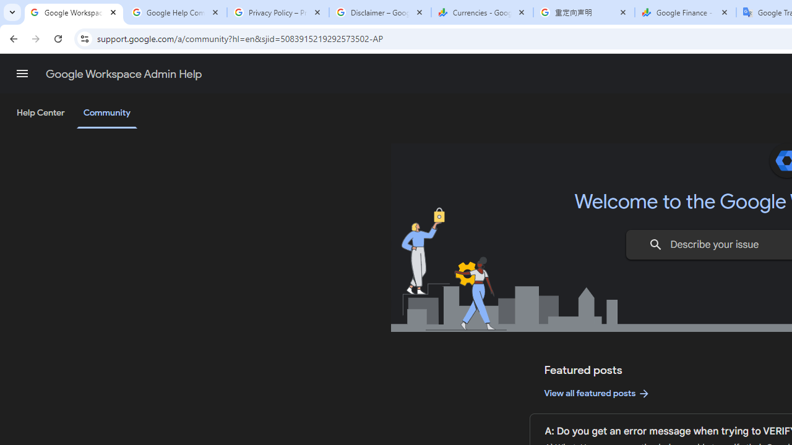  I want to click on 'Forward', so click(36, 38).